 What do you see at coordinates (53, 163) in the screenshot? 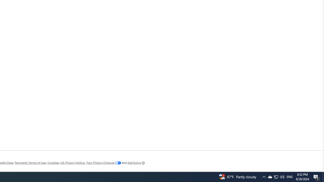
I see `'Cookies'` at bounding box center [53, 163].